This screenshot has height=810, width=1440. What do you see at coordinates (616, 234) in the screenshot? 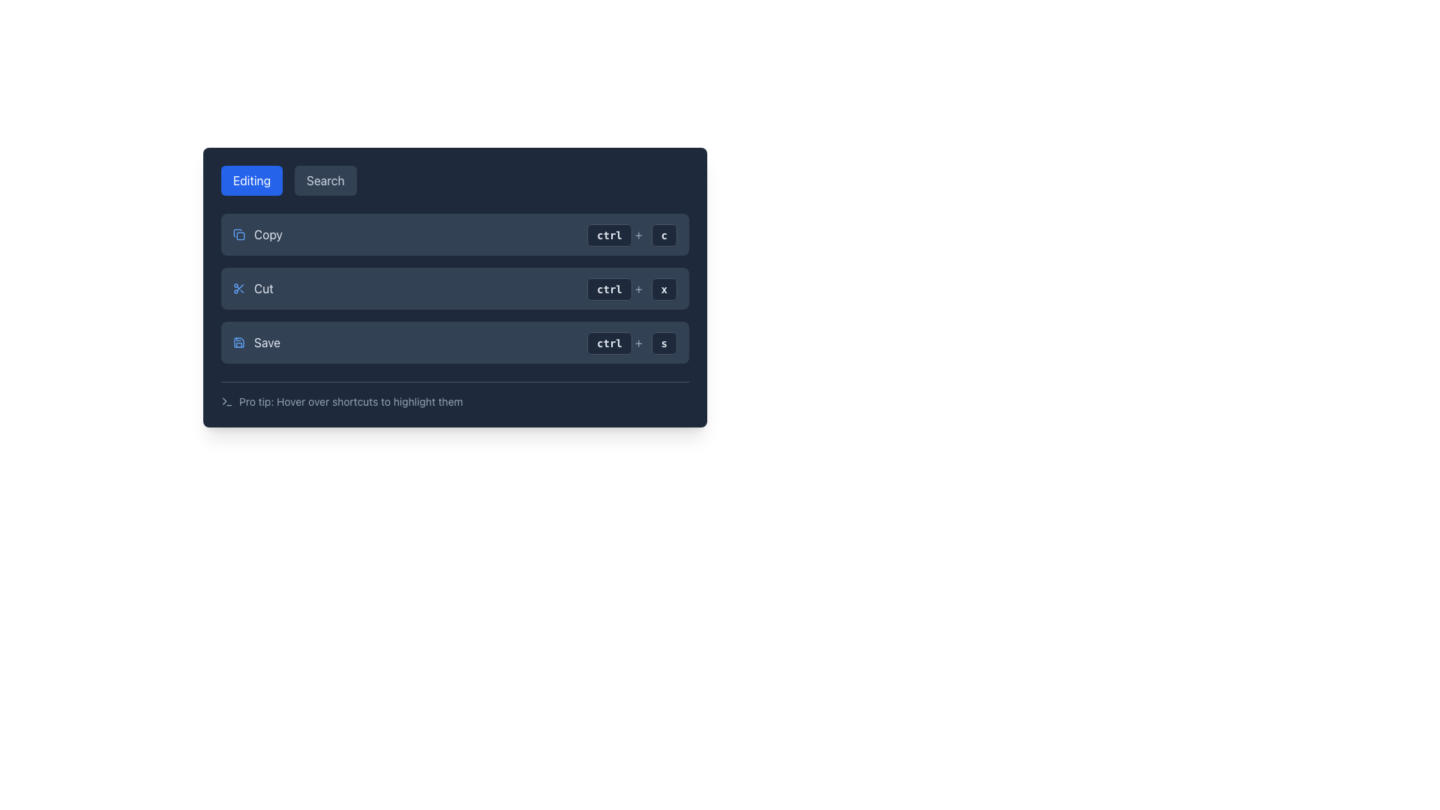
I see `the Text label that indicates the keyboard shortcut 'Ctrl+C' for the action 'Copy', located in the first row of shortcut descriptions, adjacent to 'Copy' on the left and 'c' on the right` at bounding box center [616, 234].